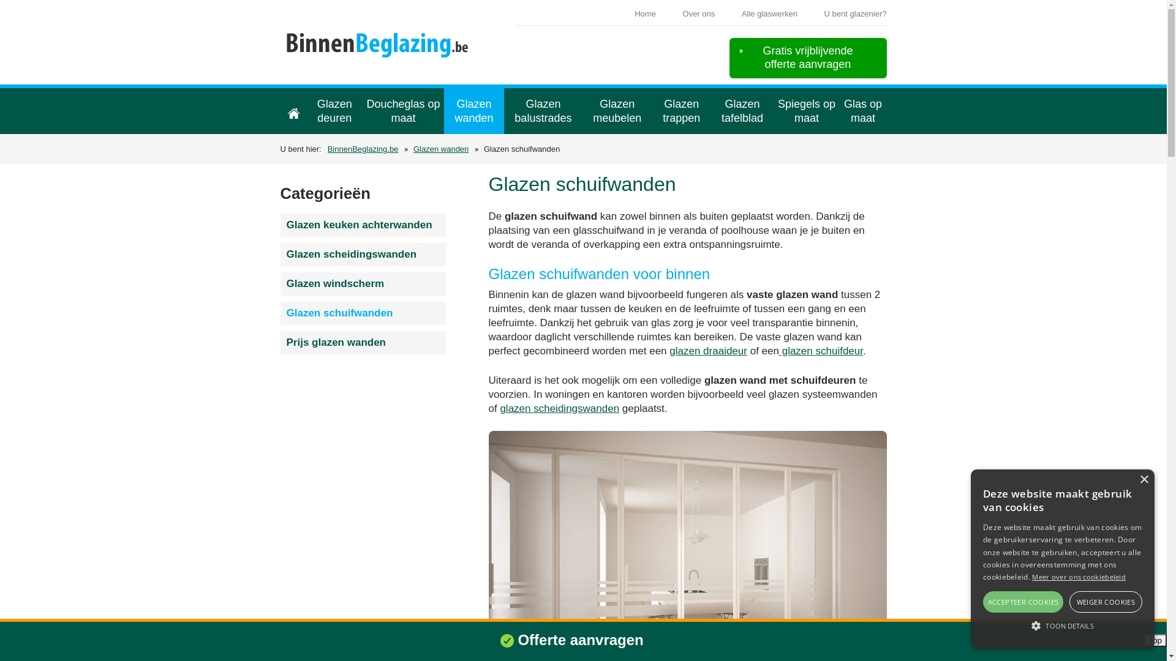  Describe the element at coordinates (742, 111) in the screenshot. I see `'Glazen tafelblad'` at that location.